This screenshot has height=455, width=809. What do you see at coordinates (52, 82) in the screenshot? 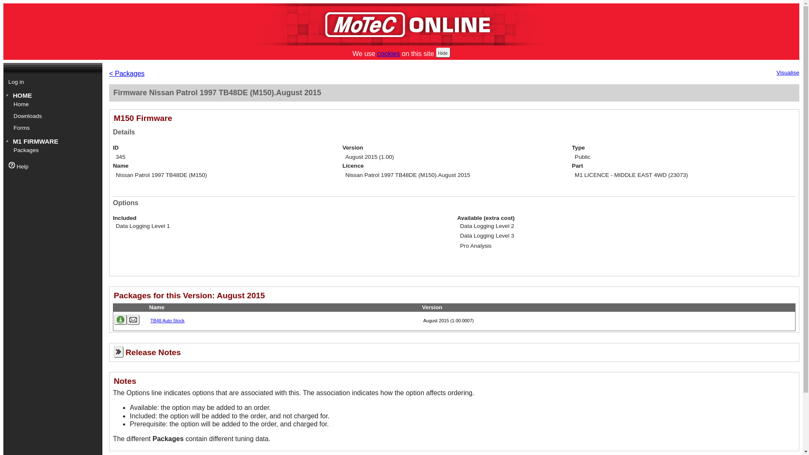
I see `'Log in'` at bounding box center [52, 82].